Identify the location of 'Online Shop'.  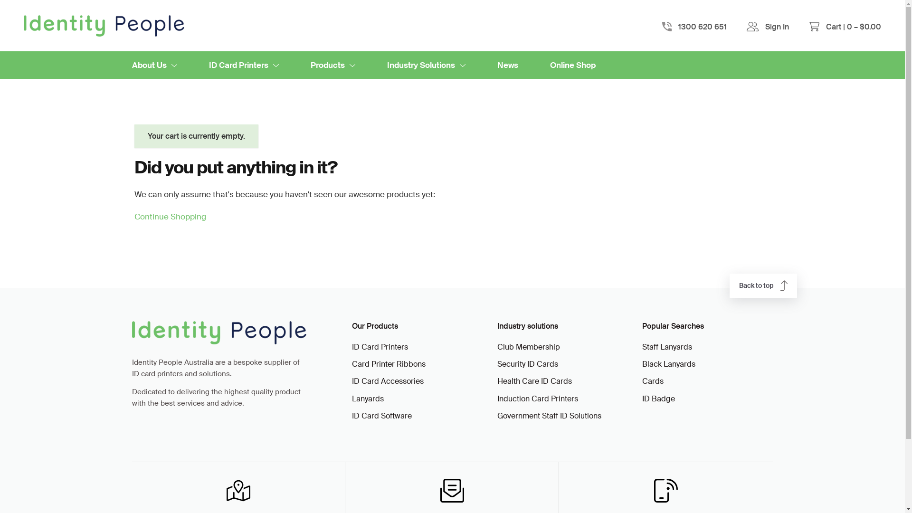
(572, 65).